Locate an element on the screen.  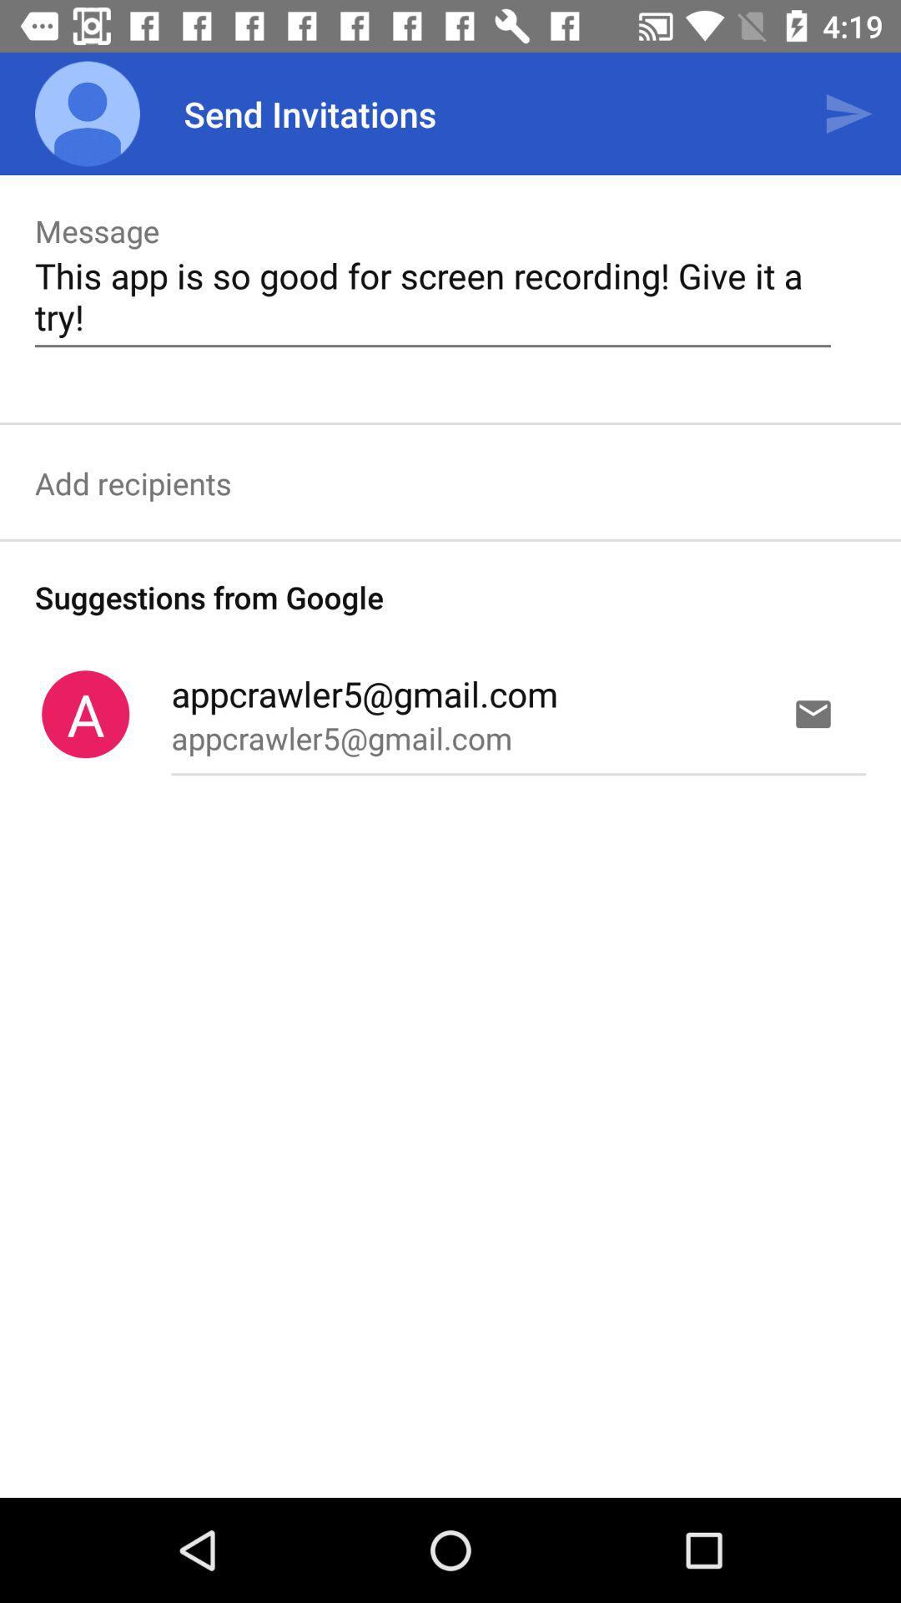
the text which is written below the message is located at coordinates (432, 296).